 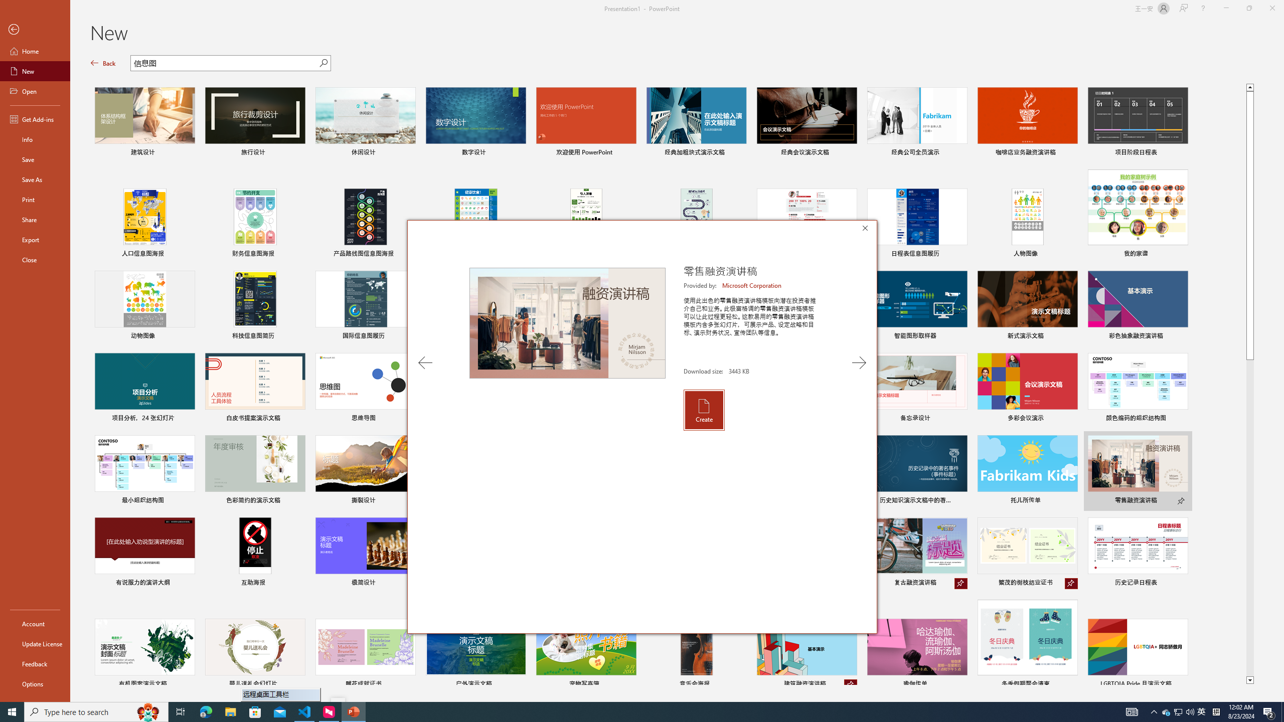 I want to click on 'Pin to list', so click(x=1181, y=684).